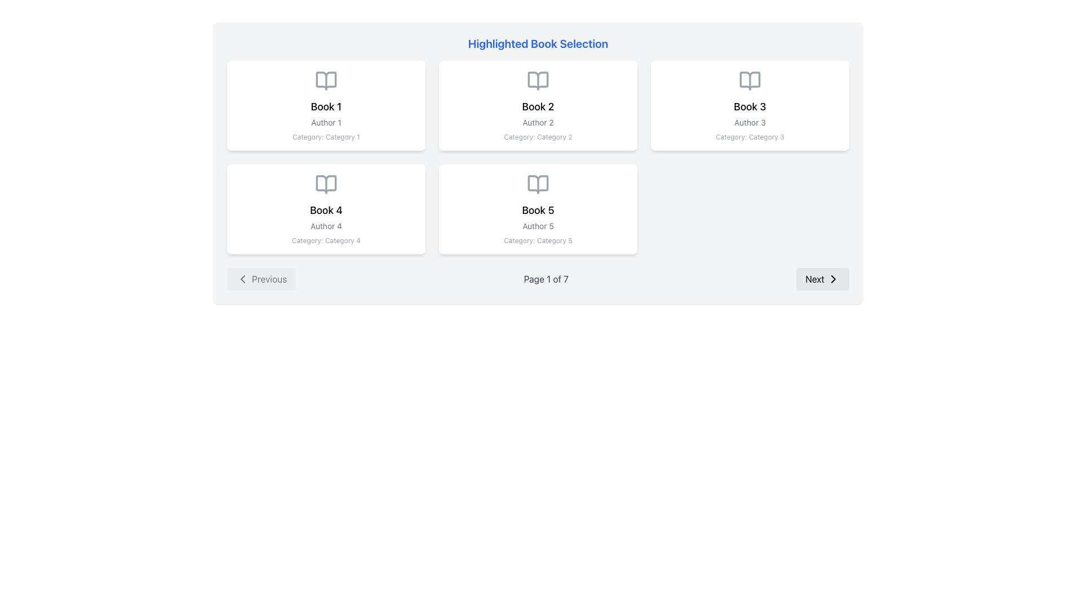 Image resolution: width=1082 pixels, height=608 pixels. What do you see at coordinates (326, 184) in the screenshot?
I see `the open book icon located above the text 'Book 4' within the card in the second row and first column of the grid layout` at bounding box center [326, 184].